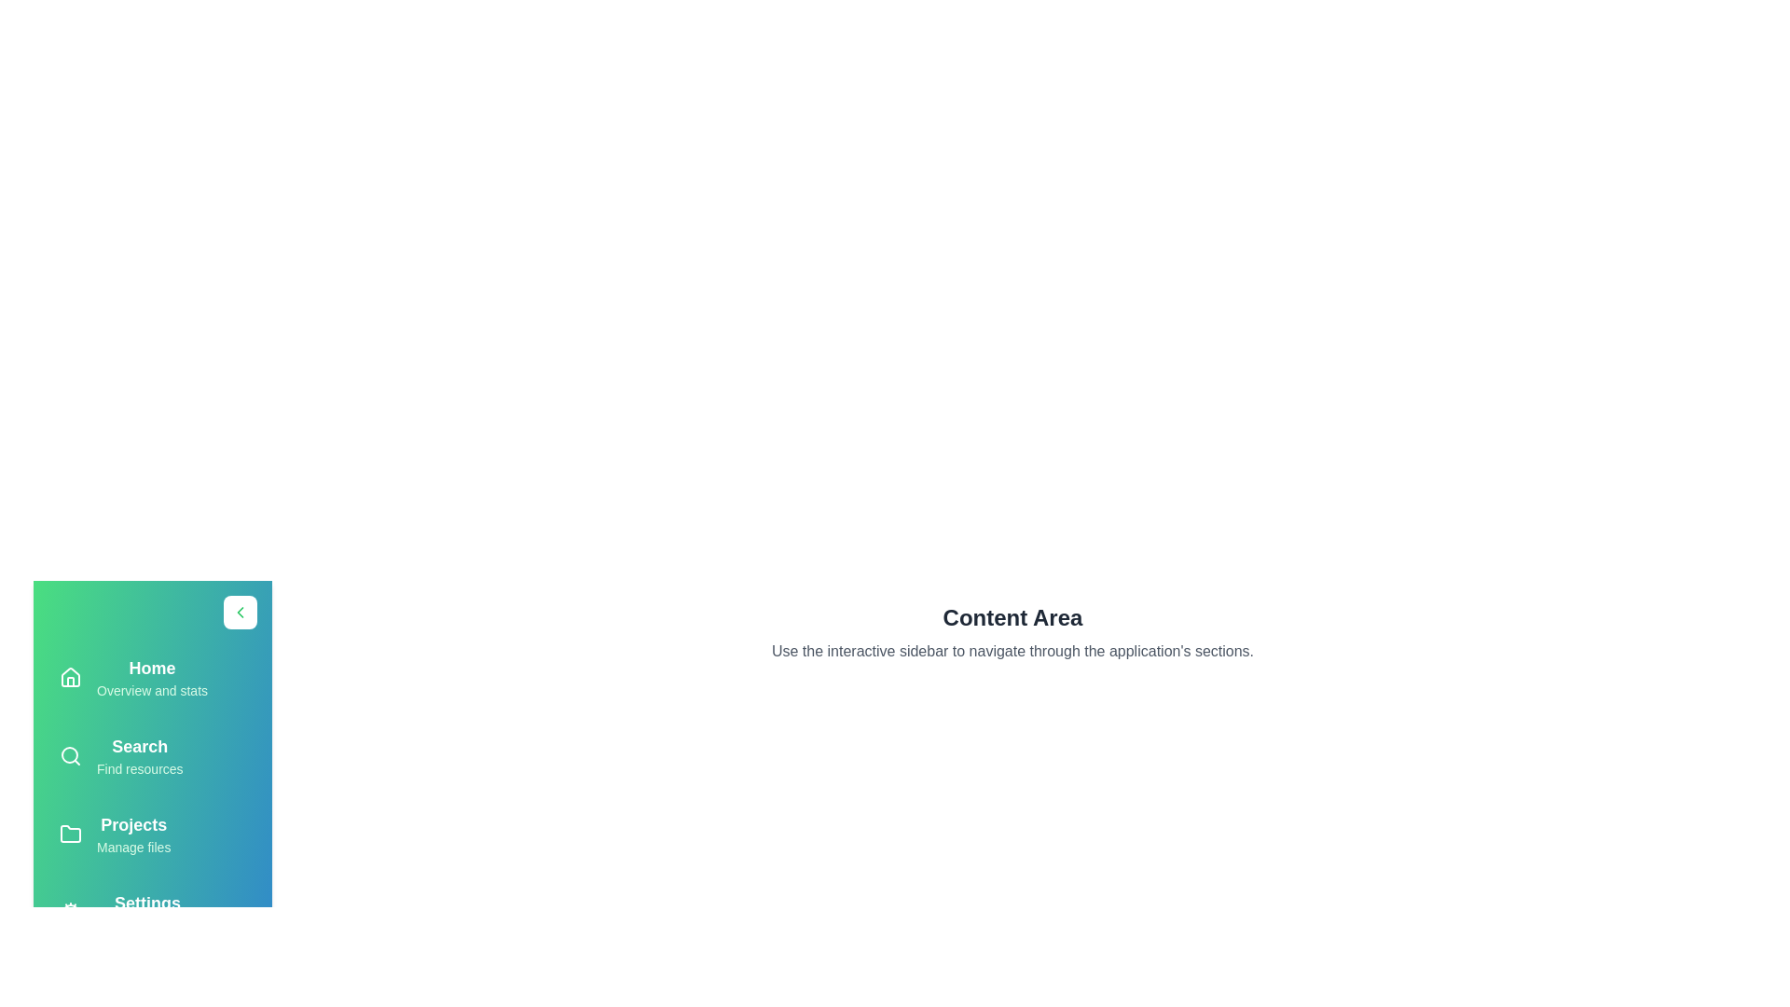 Image resolution: width=1790 pixels, height=1007 pixels. I want to click on the menu item labeled Search in the sidebar, so click(152, 755).